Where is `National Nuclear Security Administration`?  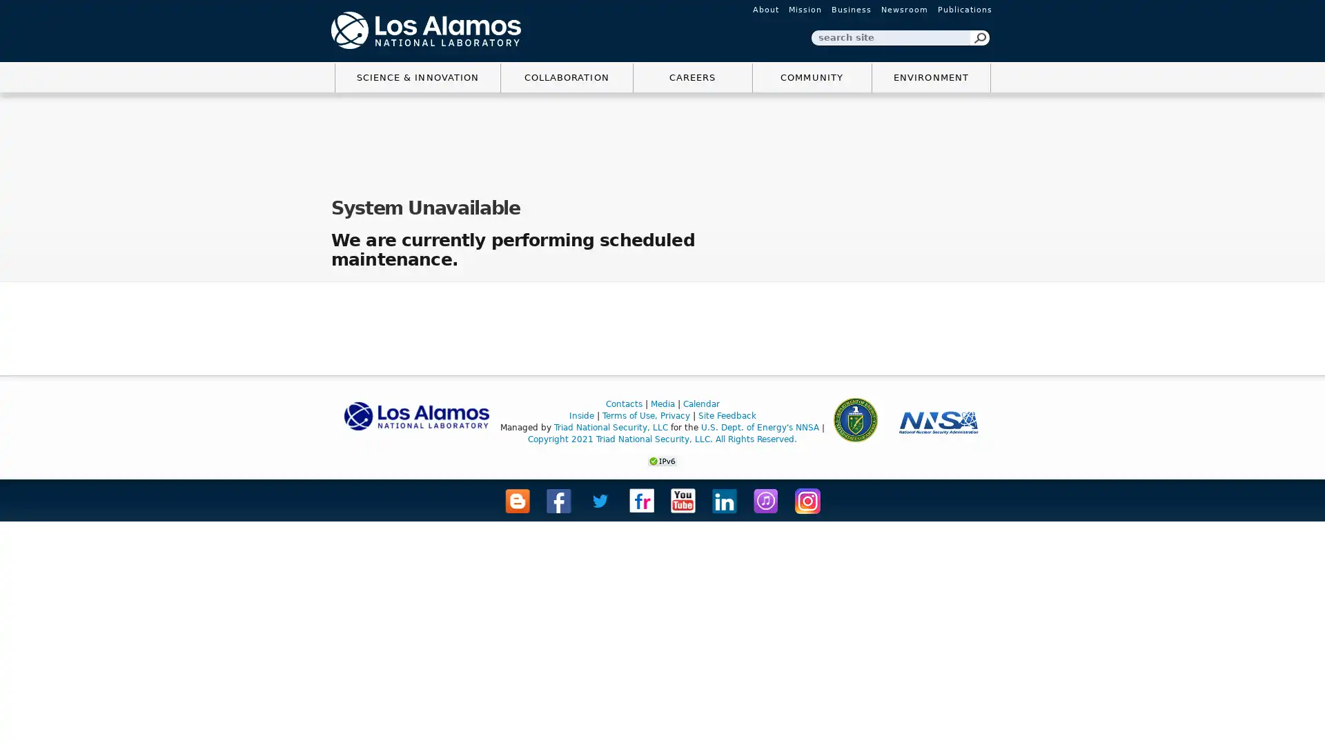 National Nuclear Security Administration is located at coordinates (938, 421).